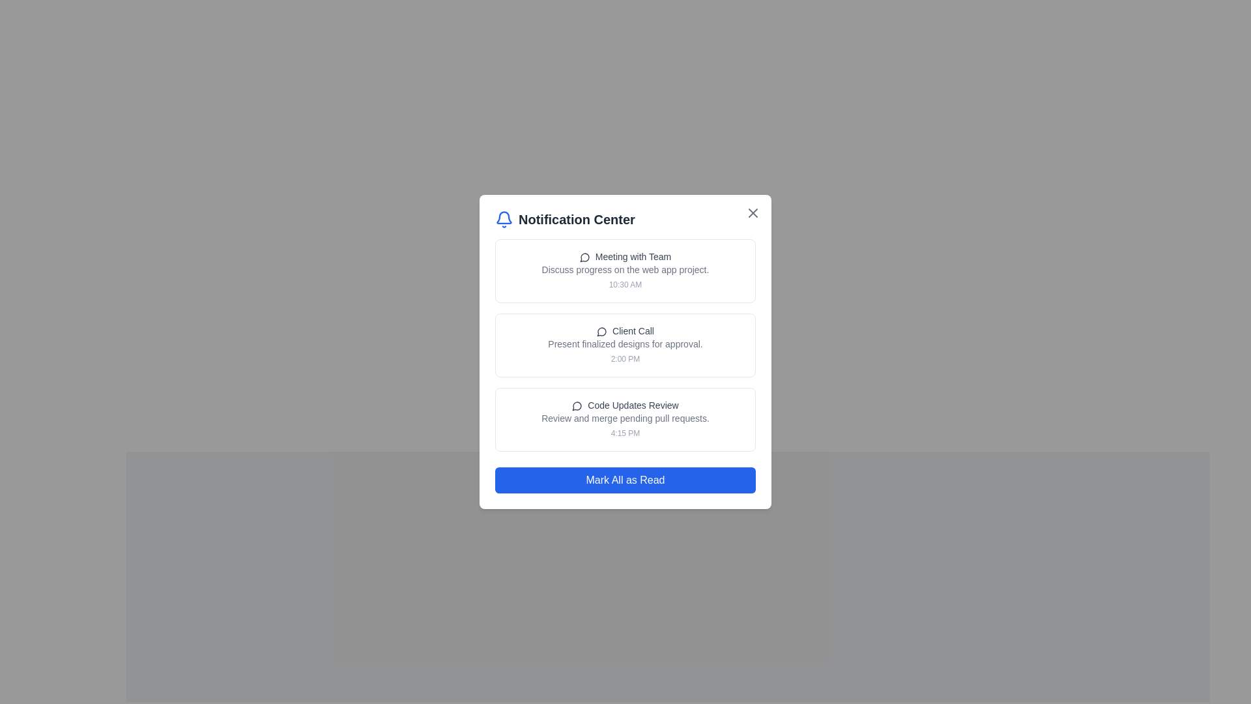  What do you see at coordinates (753, 213) in the screenshot?
I see `the close button located in the top-right corner of the 'Notification Center' dialog, which is represented by a cross-shaped element` at bounding box center [753, 213].